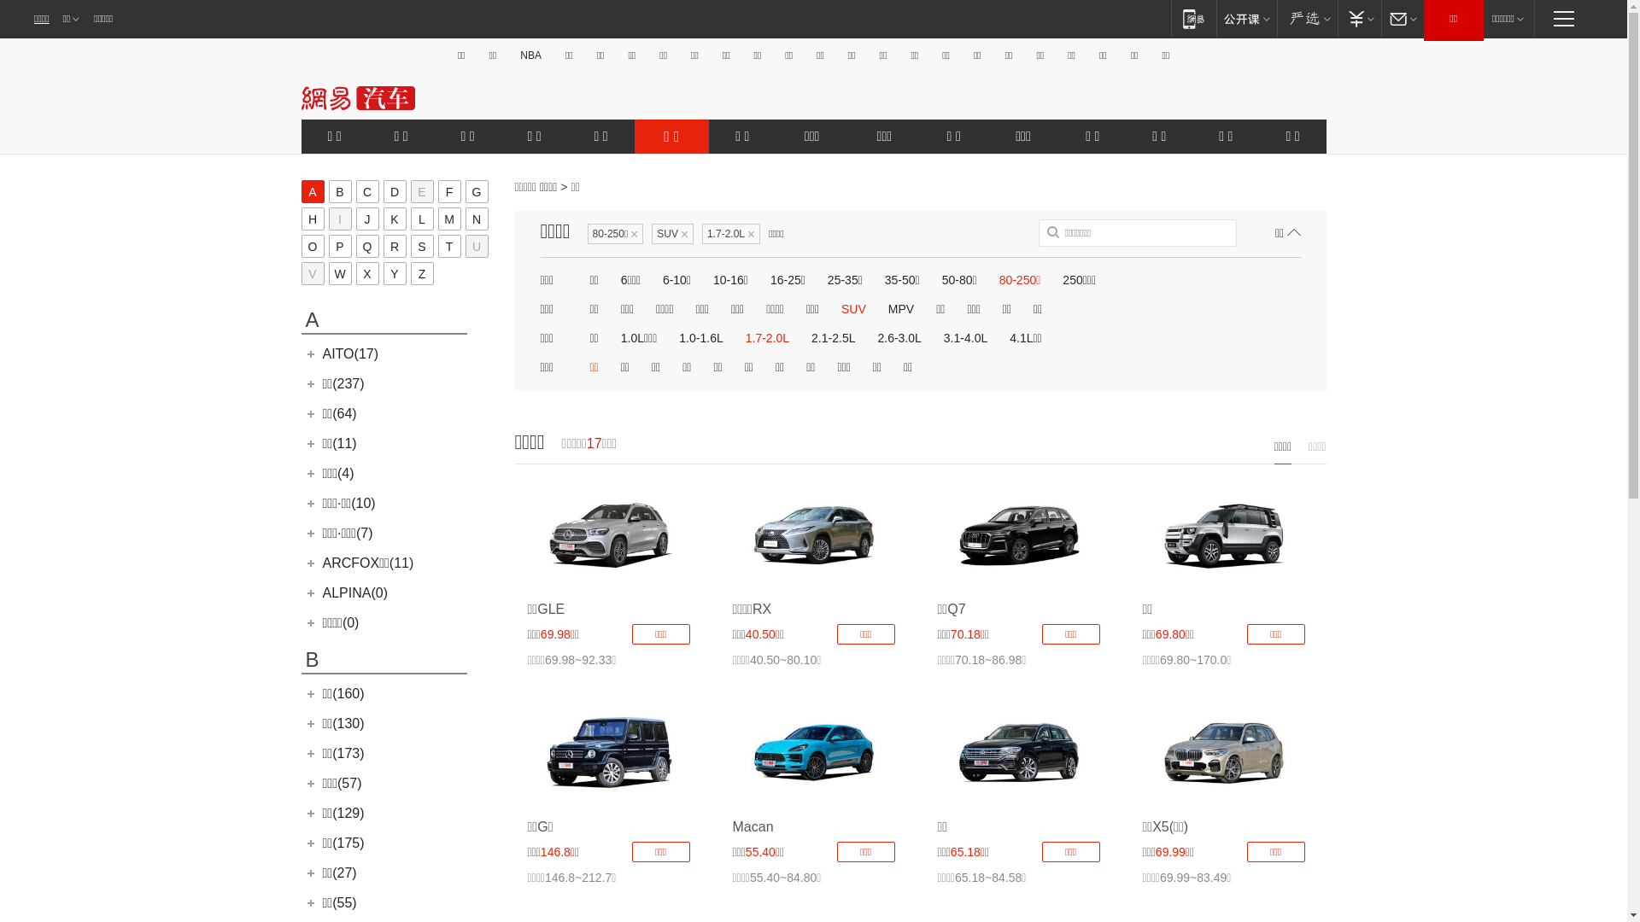 The image size is (1640, 922). What do you see at coordinates (700, 338) in the screenshot?
I see `'1.0-1.6L'` at bounding box center [700, 338].